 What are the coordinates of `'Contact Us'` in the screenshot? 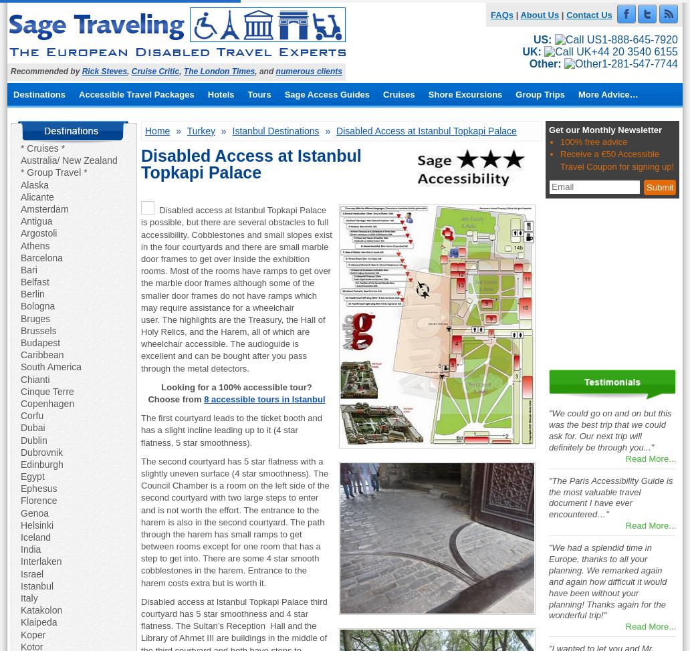 It's located at (589, 15).